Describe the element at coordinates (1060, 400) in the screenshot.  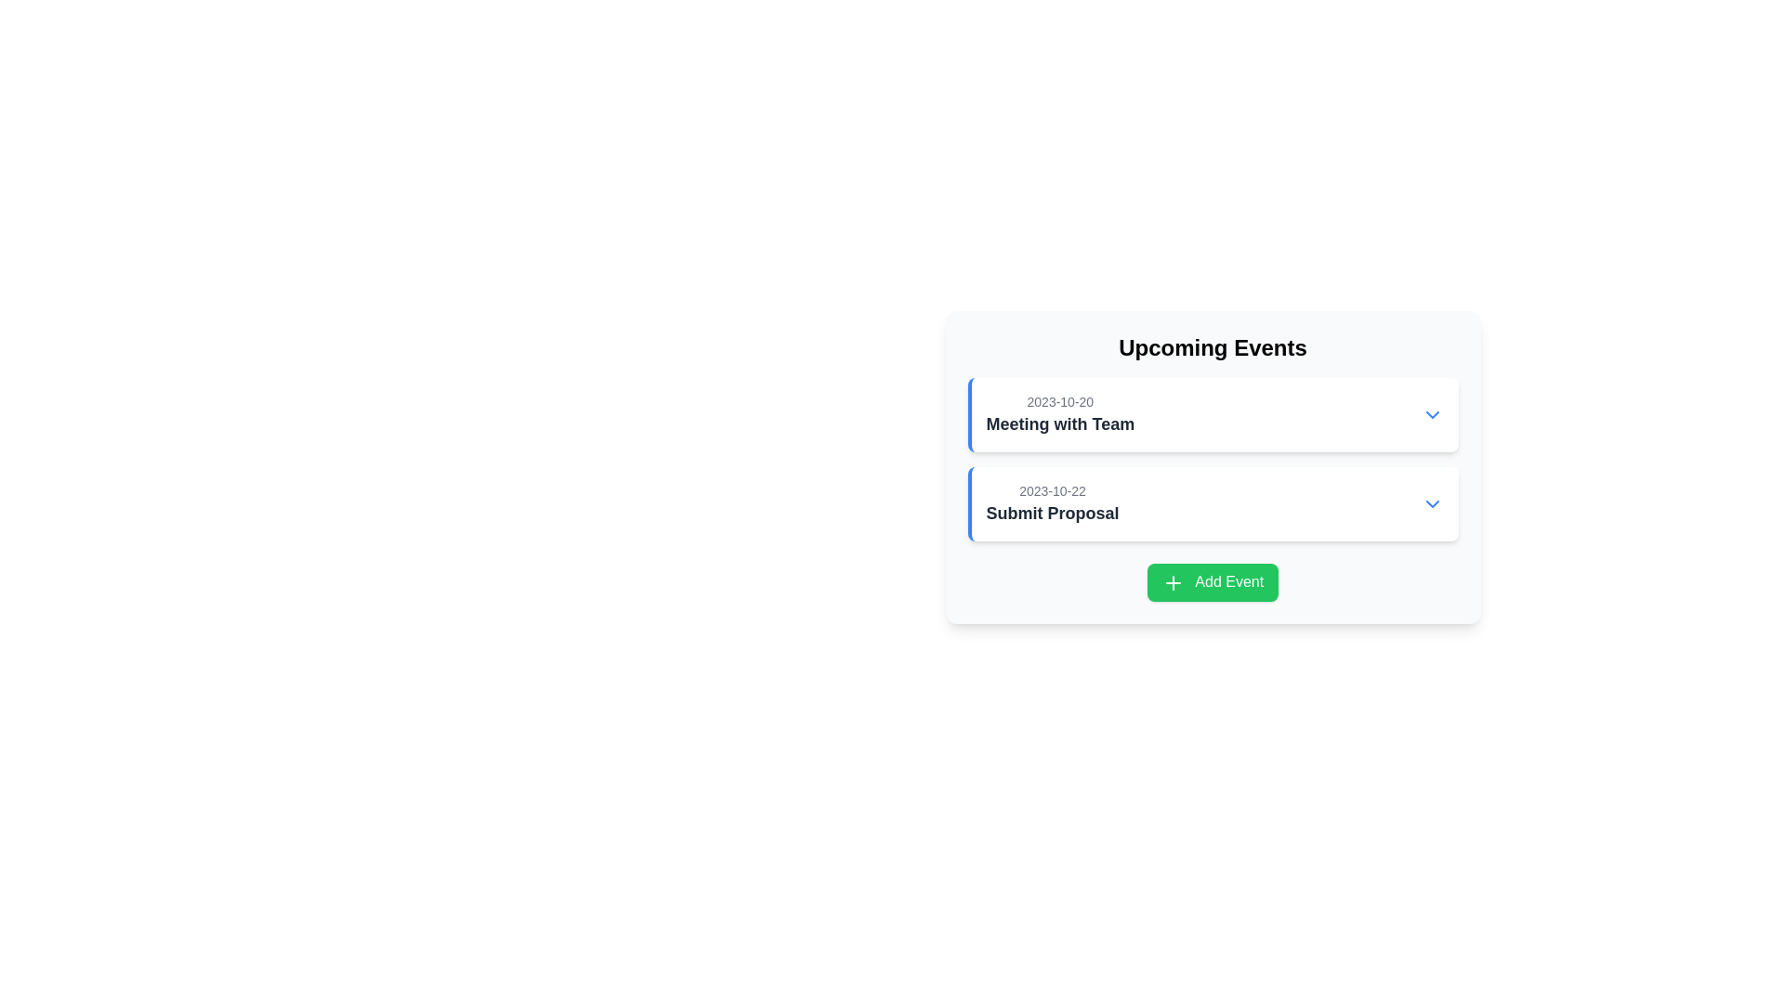
I see `date displayed in the text label showing '2023-10-20', which is styled in gray and located above the title of the event card labeled 'Meeting with Team'` at that location.